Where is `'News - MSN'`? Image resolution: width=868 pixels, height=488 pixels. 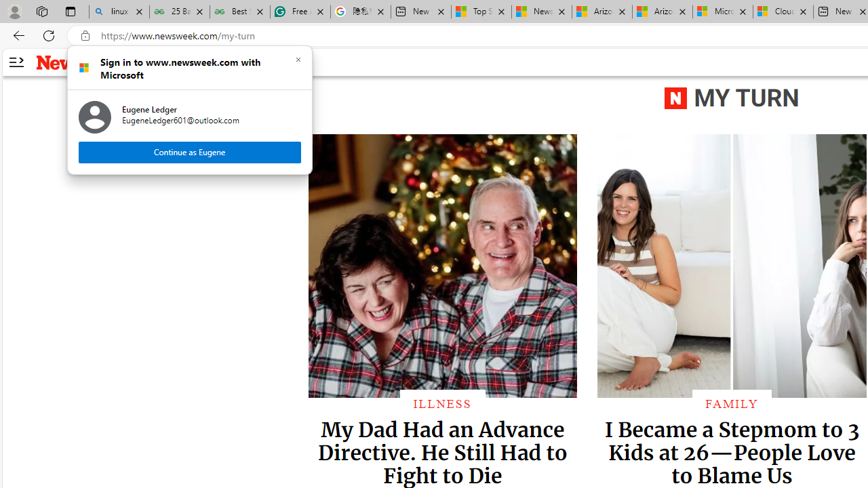
'News - MSN' is located at coordinates (541, 12).